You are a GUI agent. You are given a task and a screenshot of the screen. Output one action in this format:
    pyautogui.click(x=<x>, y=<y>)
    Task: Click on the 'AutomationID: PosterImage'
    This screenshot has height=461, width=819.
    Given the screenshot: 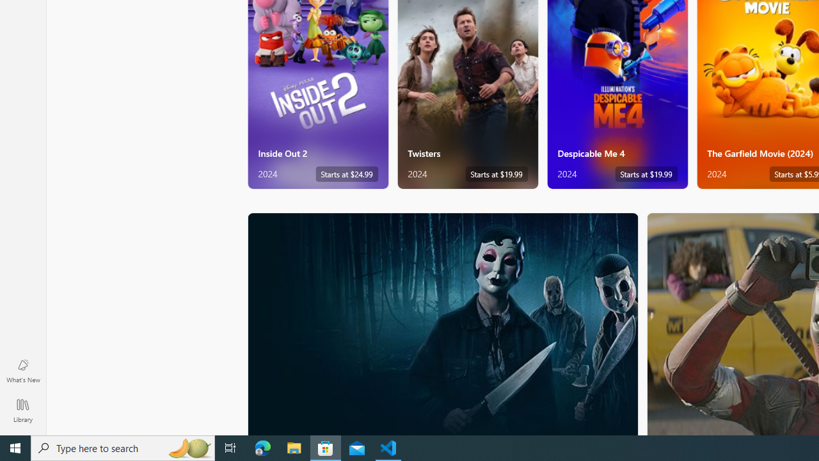 What is the action you would take?
    pyautogui.click(x=442, y=323)
    